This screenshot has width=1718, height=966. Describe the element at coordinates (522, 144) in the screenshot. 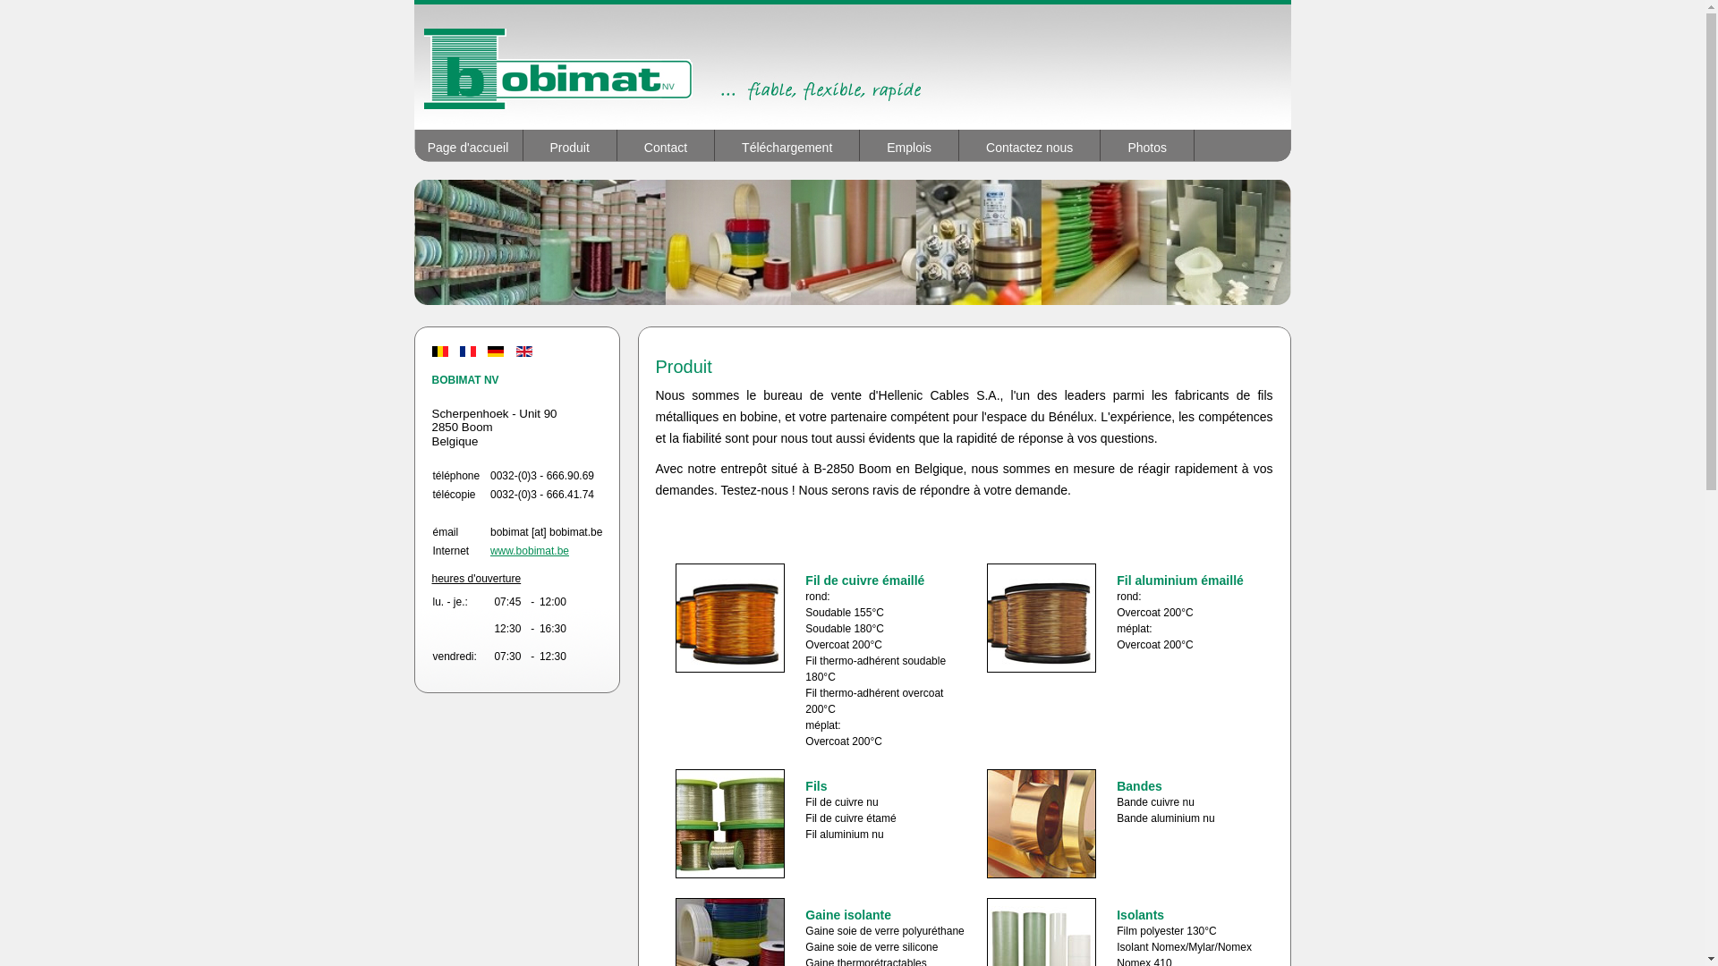

I see `'Produit'` at that location.